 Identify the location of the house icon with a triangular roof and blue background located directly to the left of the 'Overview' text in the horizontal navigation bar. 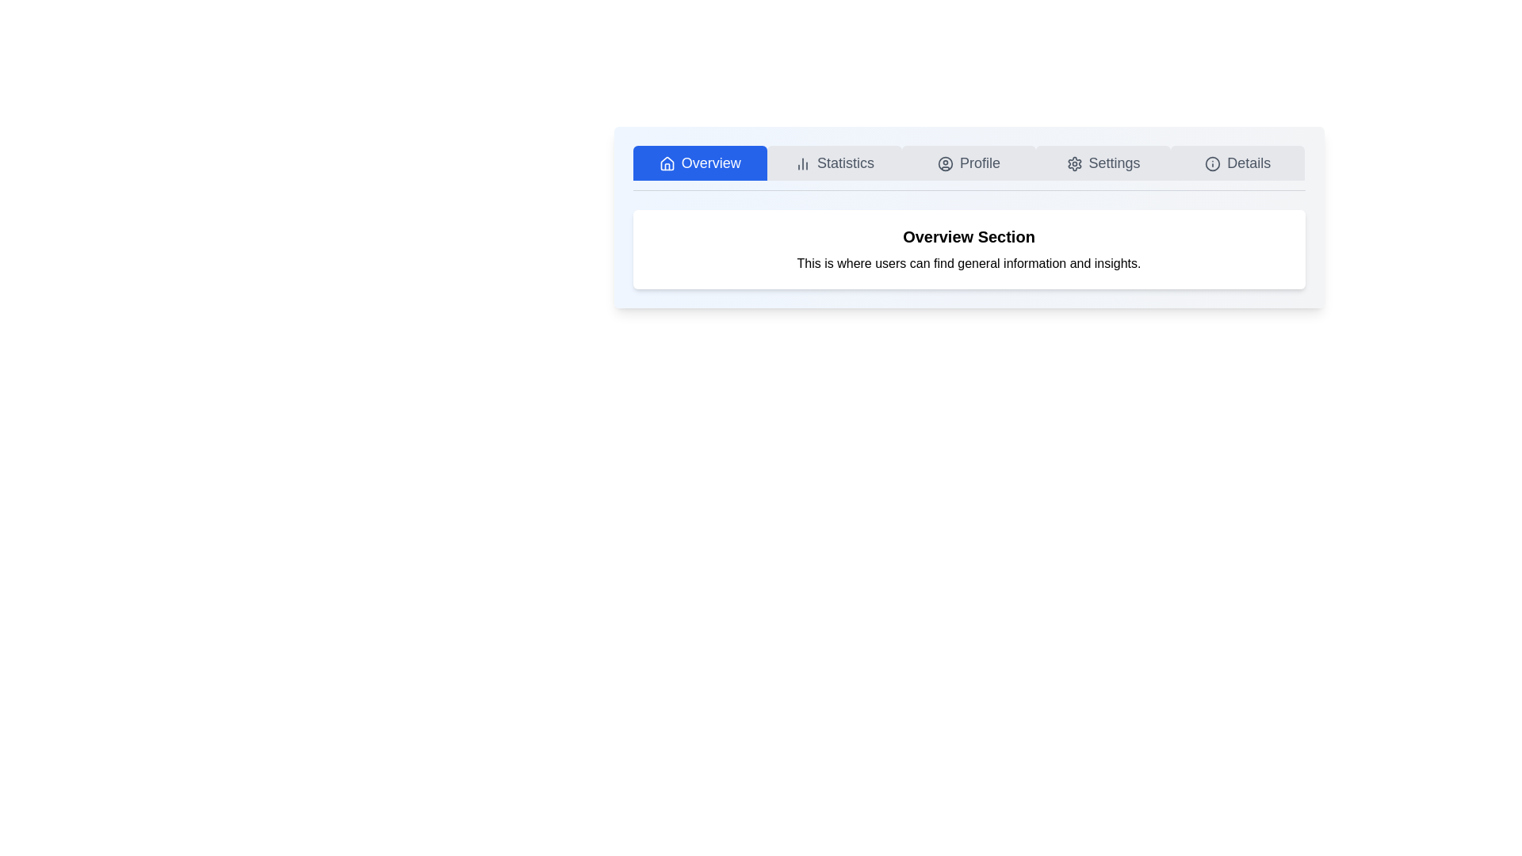
(667, 163).